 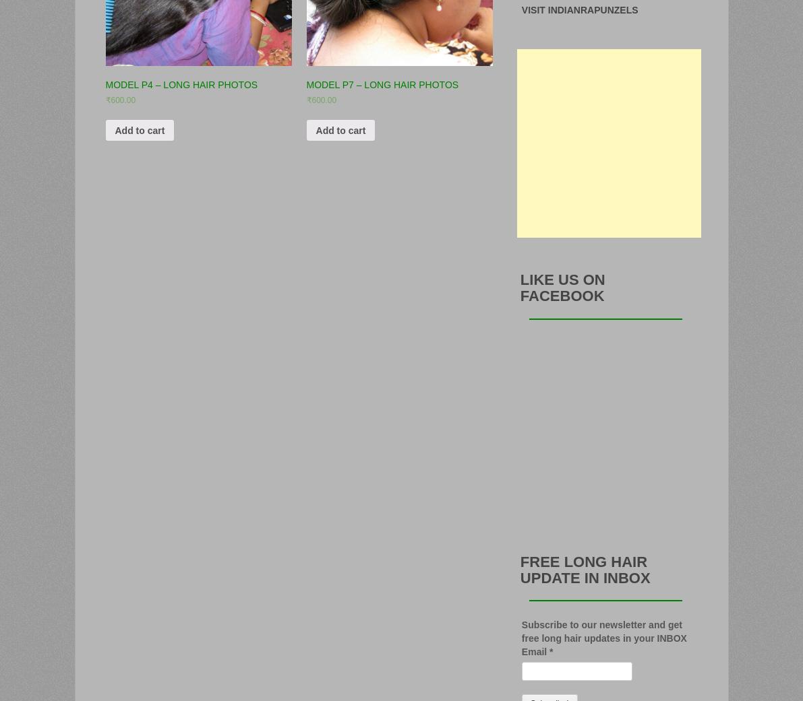 What do you see at coordinates (550, 650) in the screenshot?
I see `'*'` at bounding box center [550, 650].